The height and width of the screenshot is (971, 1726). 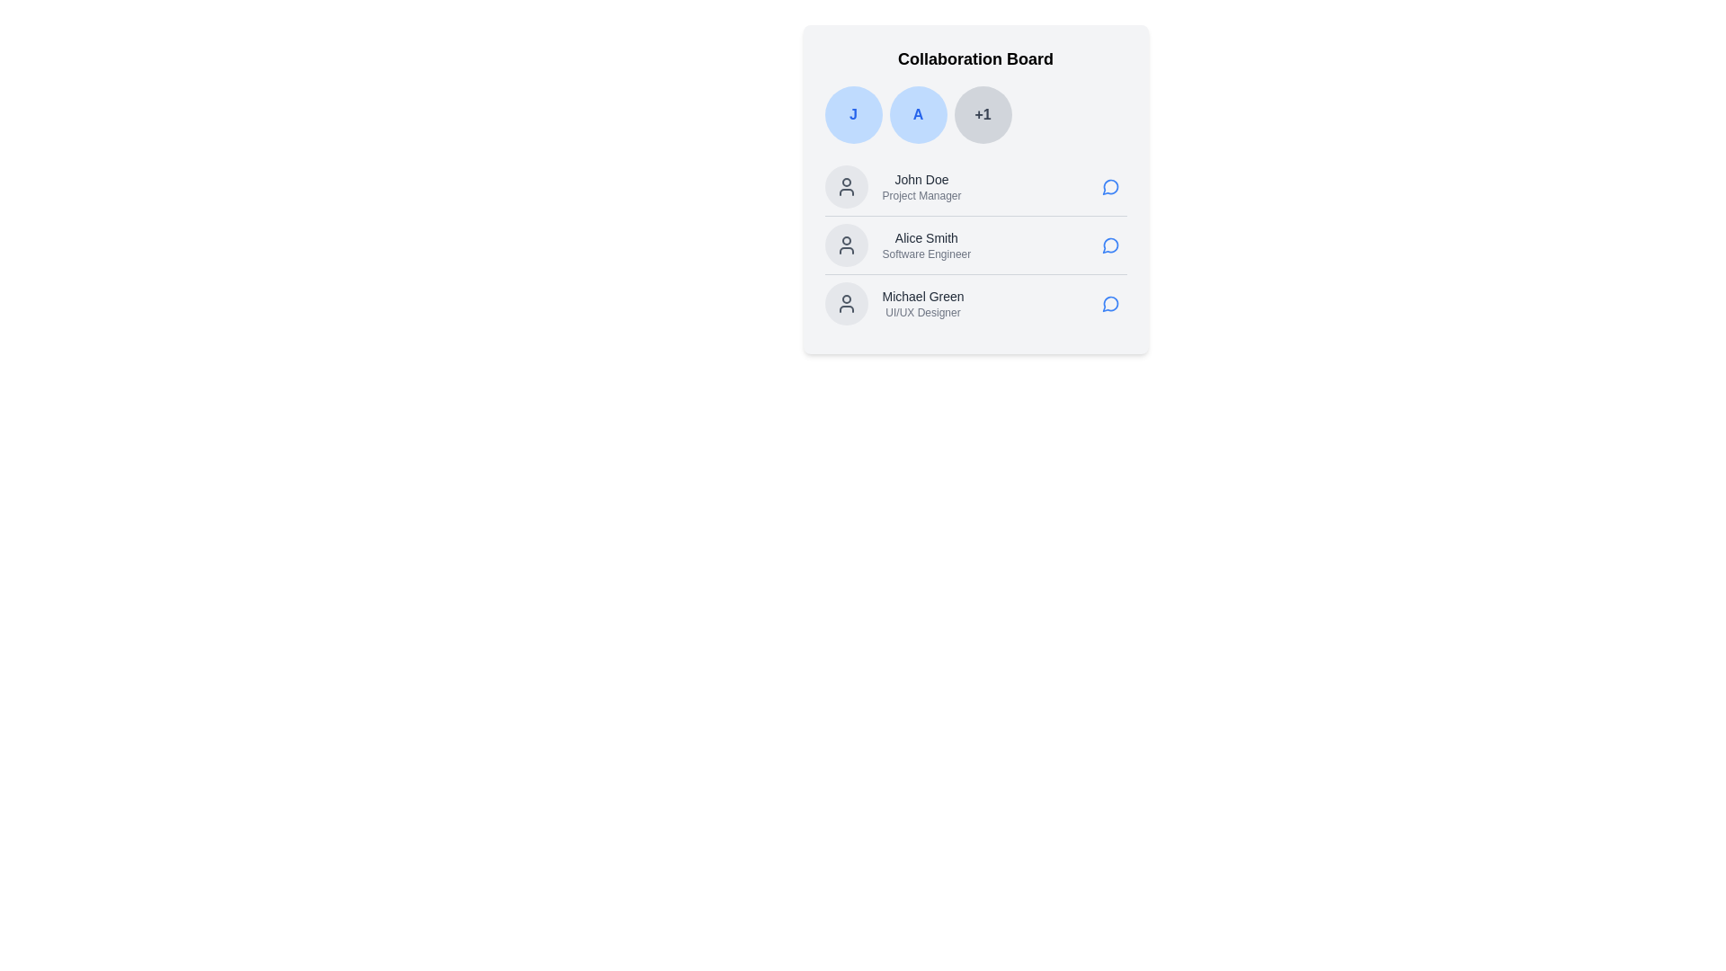 What do you see at coordinates (923, 296) in the screenshot?
I see `the text label displaying 'Michael Green' which is located in the third row of the 'Collaboration Board' section` at bounding box center [923, 296].